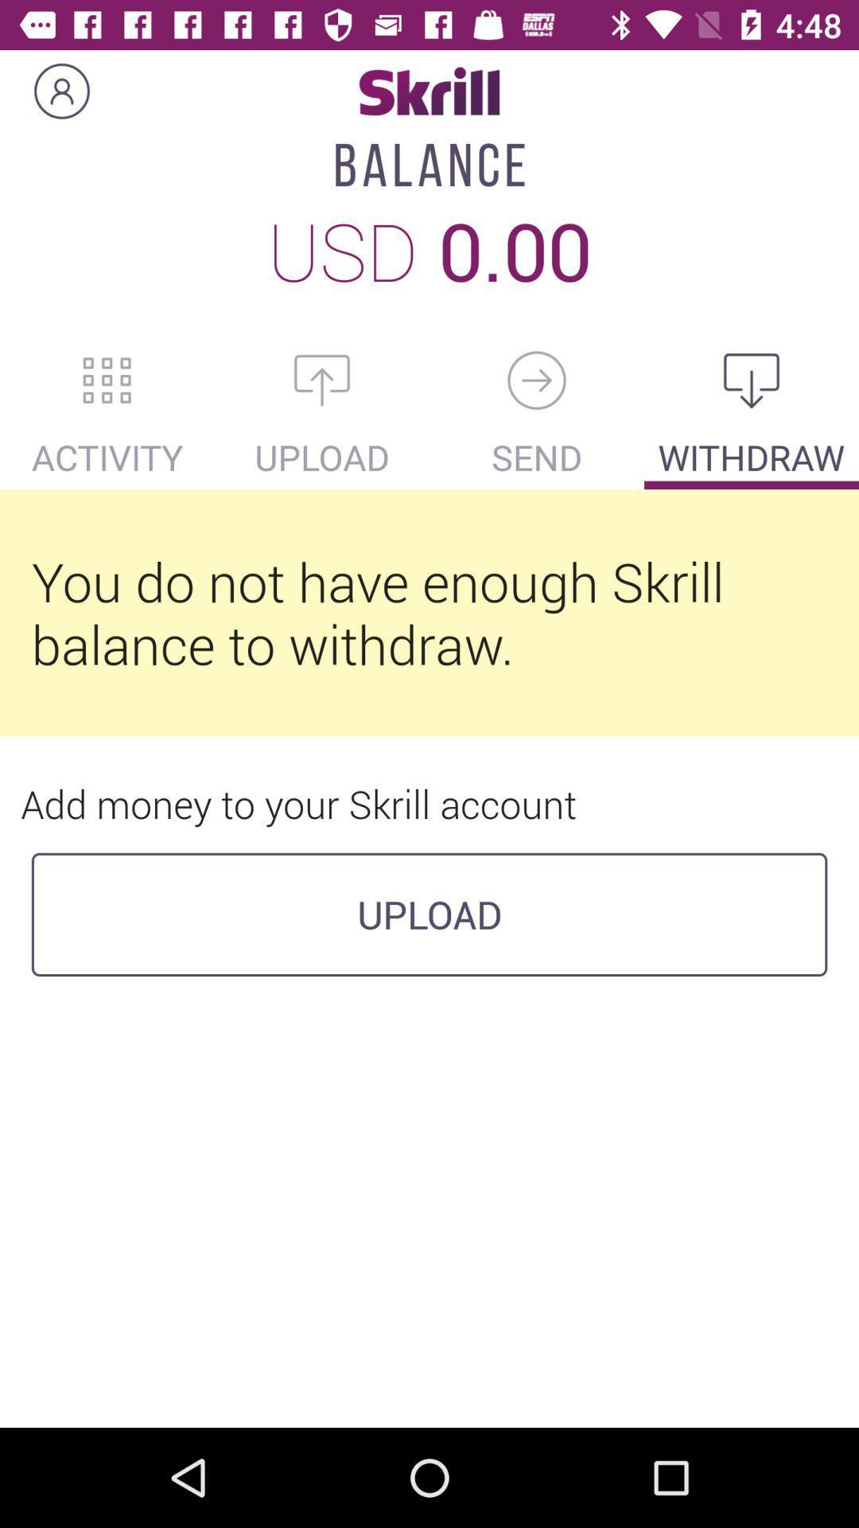 The height and width of the screenshot is (1528, 859). Describe the element at coordinates (752, 380) in the screenshot. I see `withdraw` at that location.